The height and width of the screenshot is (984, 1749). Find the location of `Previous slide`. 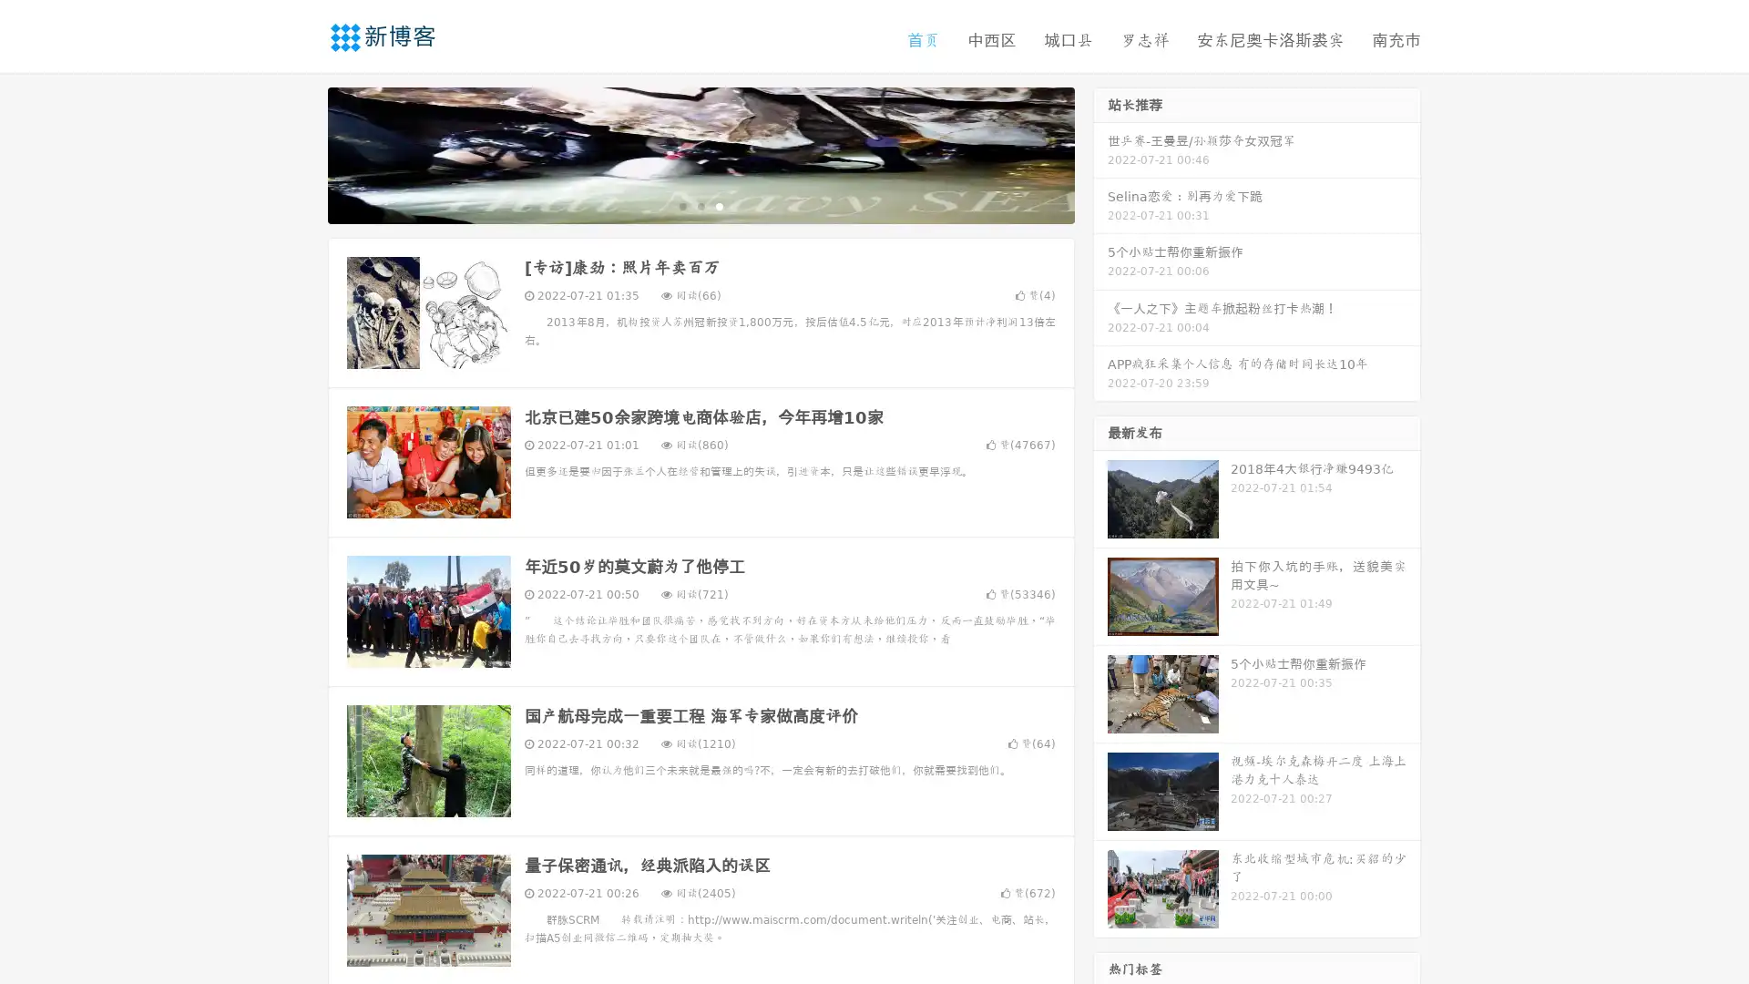

Previous slide is located at coordinates (301, 153).